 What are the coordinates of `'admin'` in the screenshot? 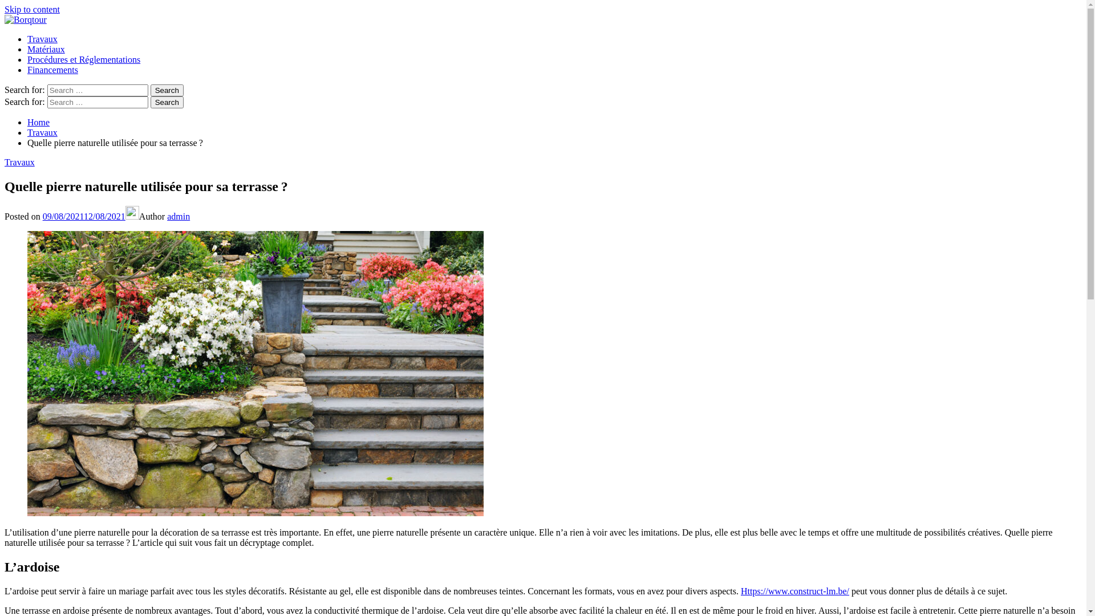 It's located at (177, 216).